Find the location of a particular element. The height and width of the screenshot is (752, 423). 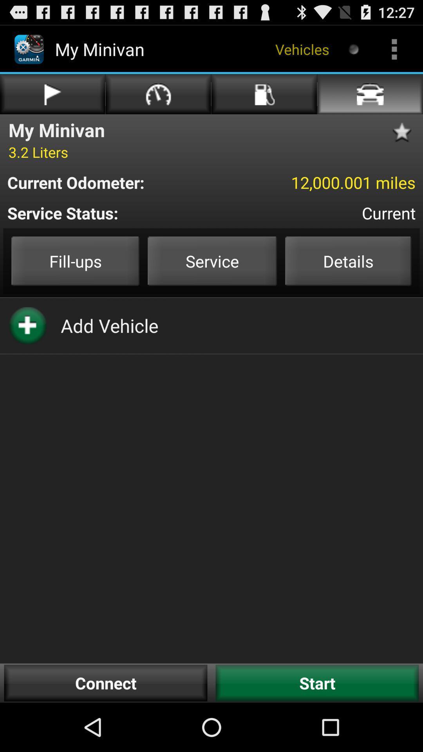

item above the service status: item is located at coordinates (316, 182).